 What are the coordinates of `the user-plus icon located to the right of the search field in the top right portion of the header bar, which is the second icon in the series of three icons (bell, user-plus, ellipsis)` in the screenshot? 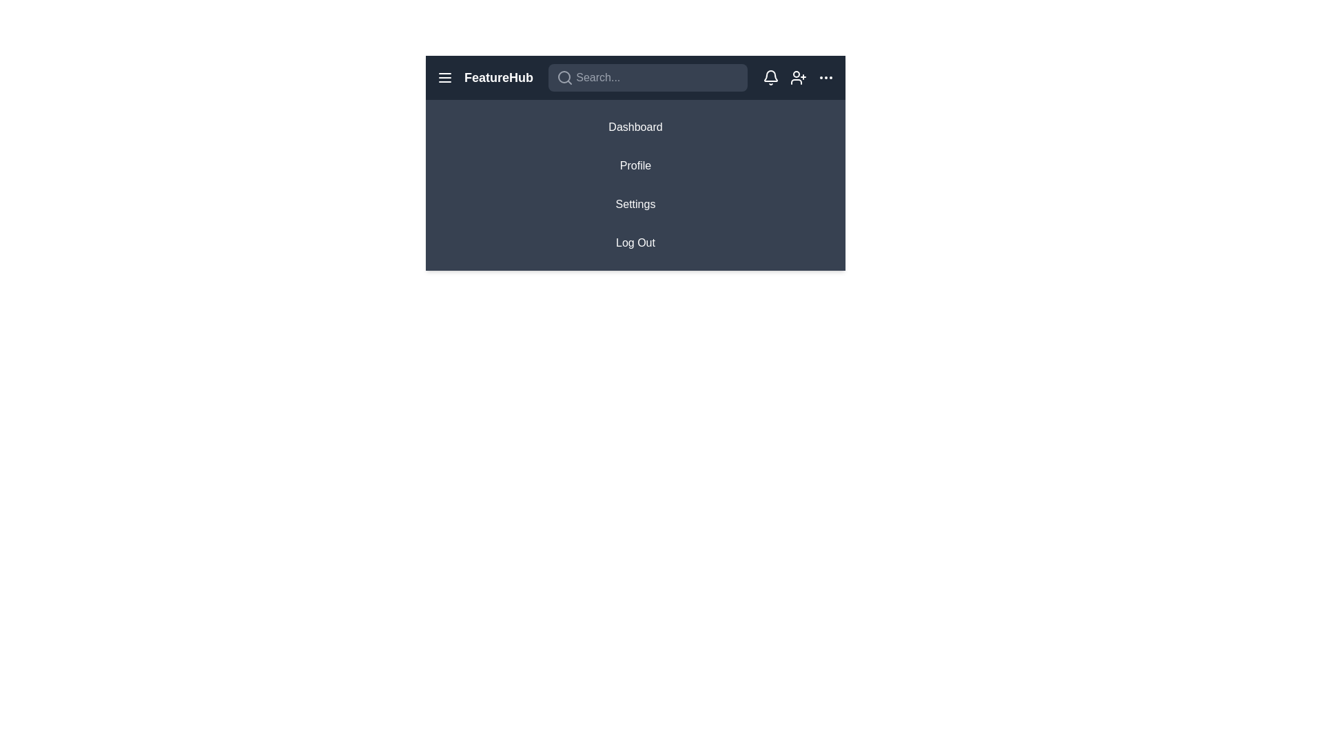 It's located at (798, 77).